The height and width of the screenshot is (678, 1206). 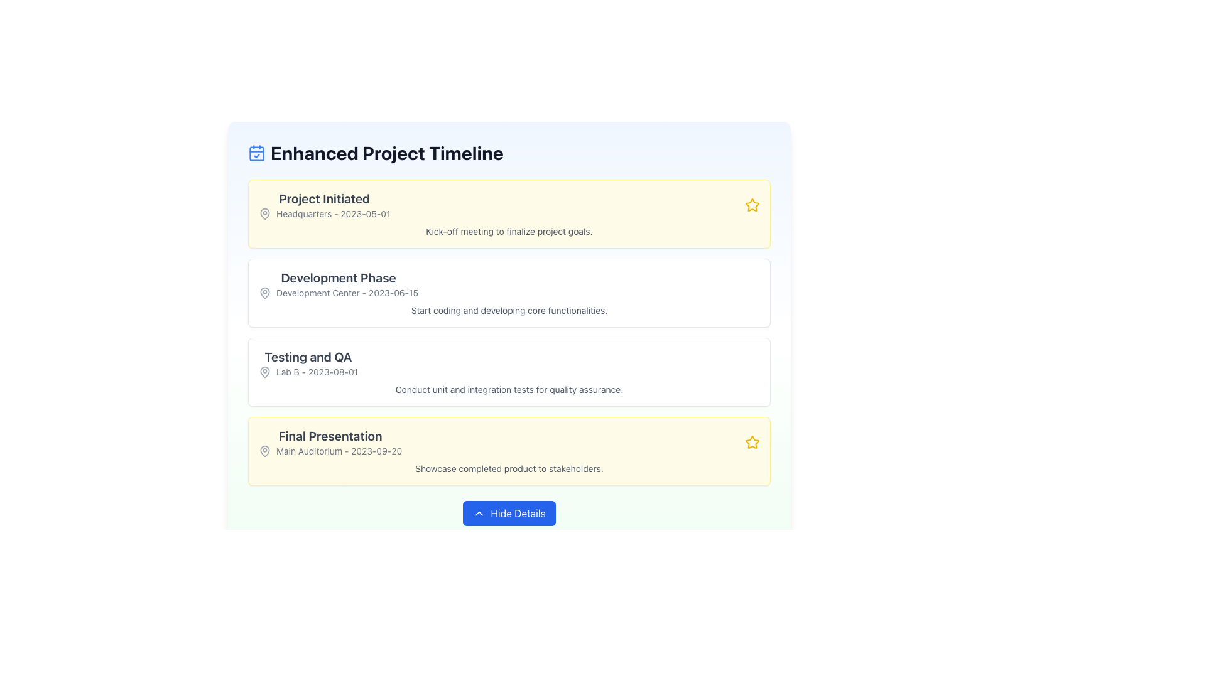 What do you see at coordinates (330, 442) in the screenshot?
I see `the informational text block conveying details about the 'Final Presentation', which is the last item in a list of project milestones within a yellow background section` at bounding box center [330, 442].